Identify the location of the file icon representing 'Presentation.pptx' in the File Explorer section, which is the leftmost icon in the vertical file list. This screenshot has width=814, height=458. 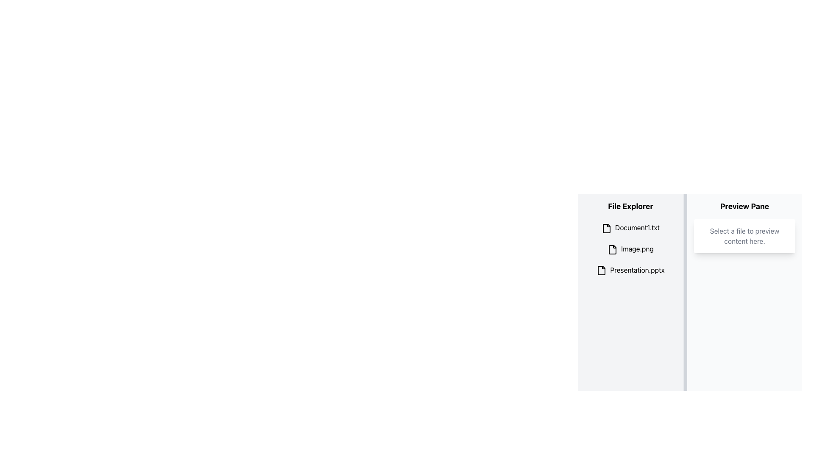
(601, 271).